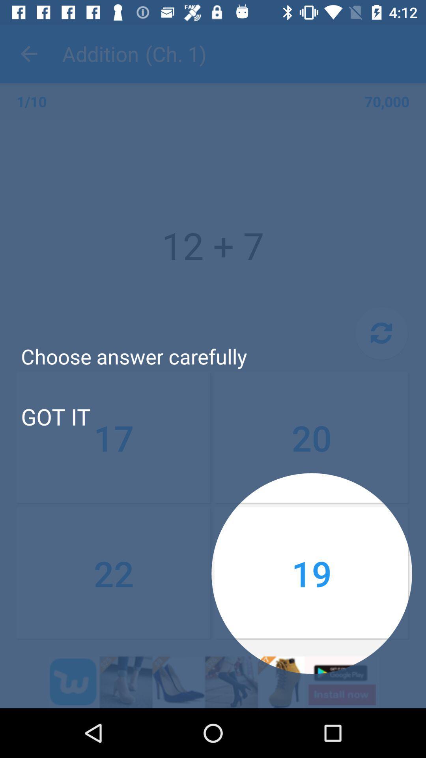 The height and width of the screenshot is (758, 426). What do you see at coordinates (311, 437) in the screenshot?
I see `the item below the choose answer carefully icon` at bounding box center [311, 437].